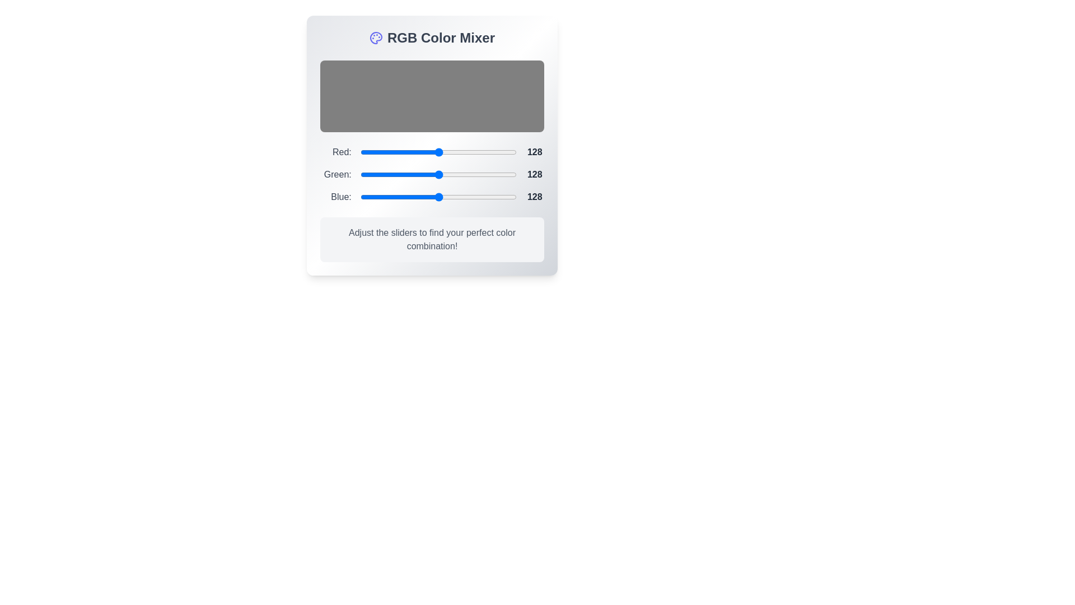 The width and height of the screenshot is (1075, 605). Describe the element at coordinates (398, 175) in the screenshot. I see `the 1 slider to 61` at that location.